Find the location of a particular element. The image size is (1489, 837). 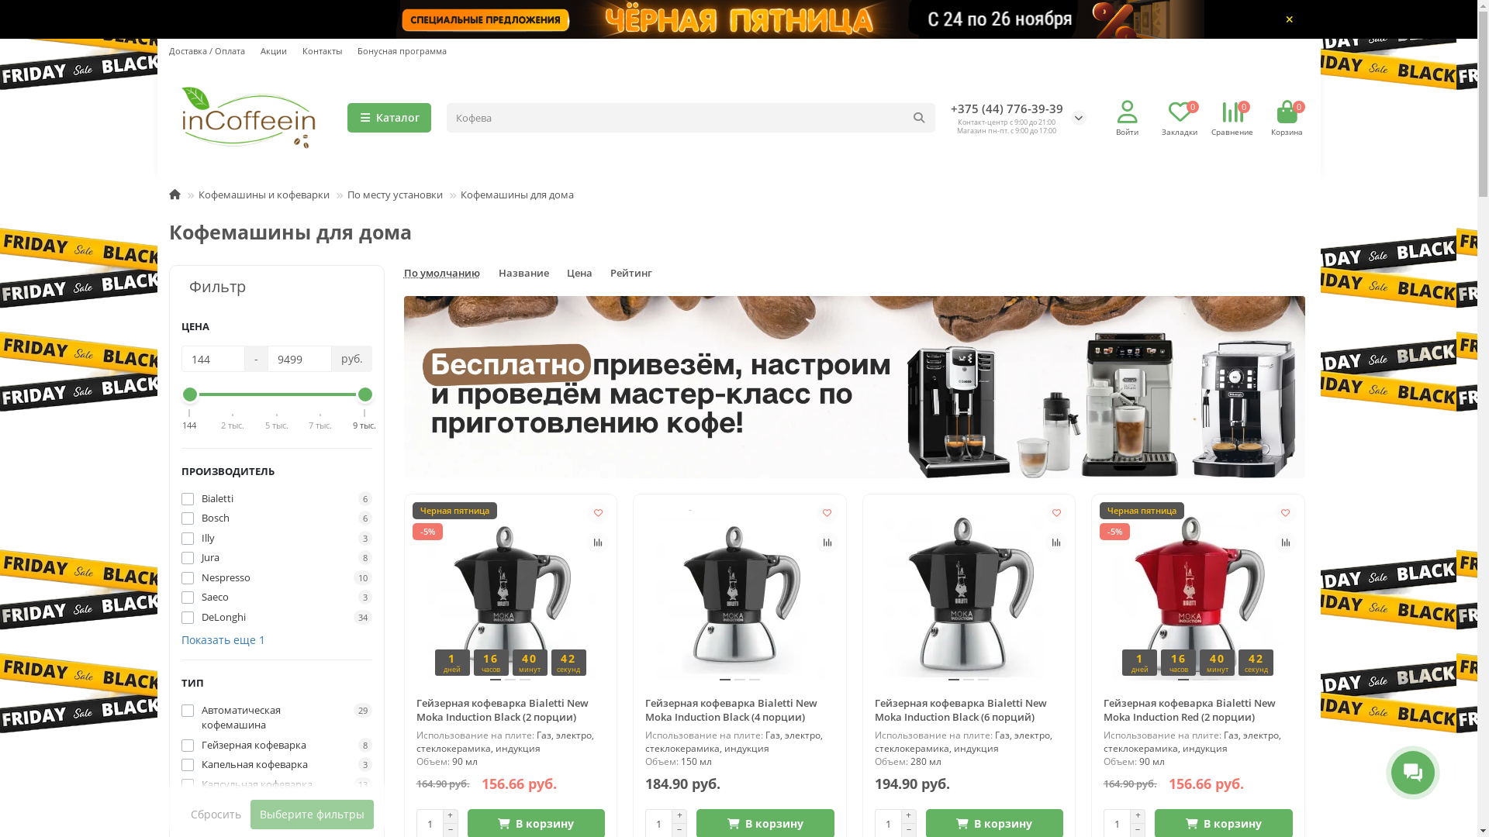

'+375 (44) 776-39-39' is located at coordinates (1007, 108).